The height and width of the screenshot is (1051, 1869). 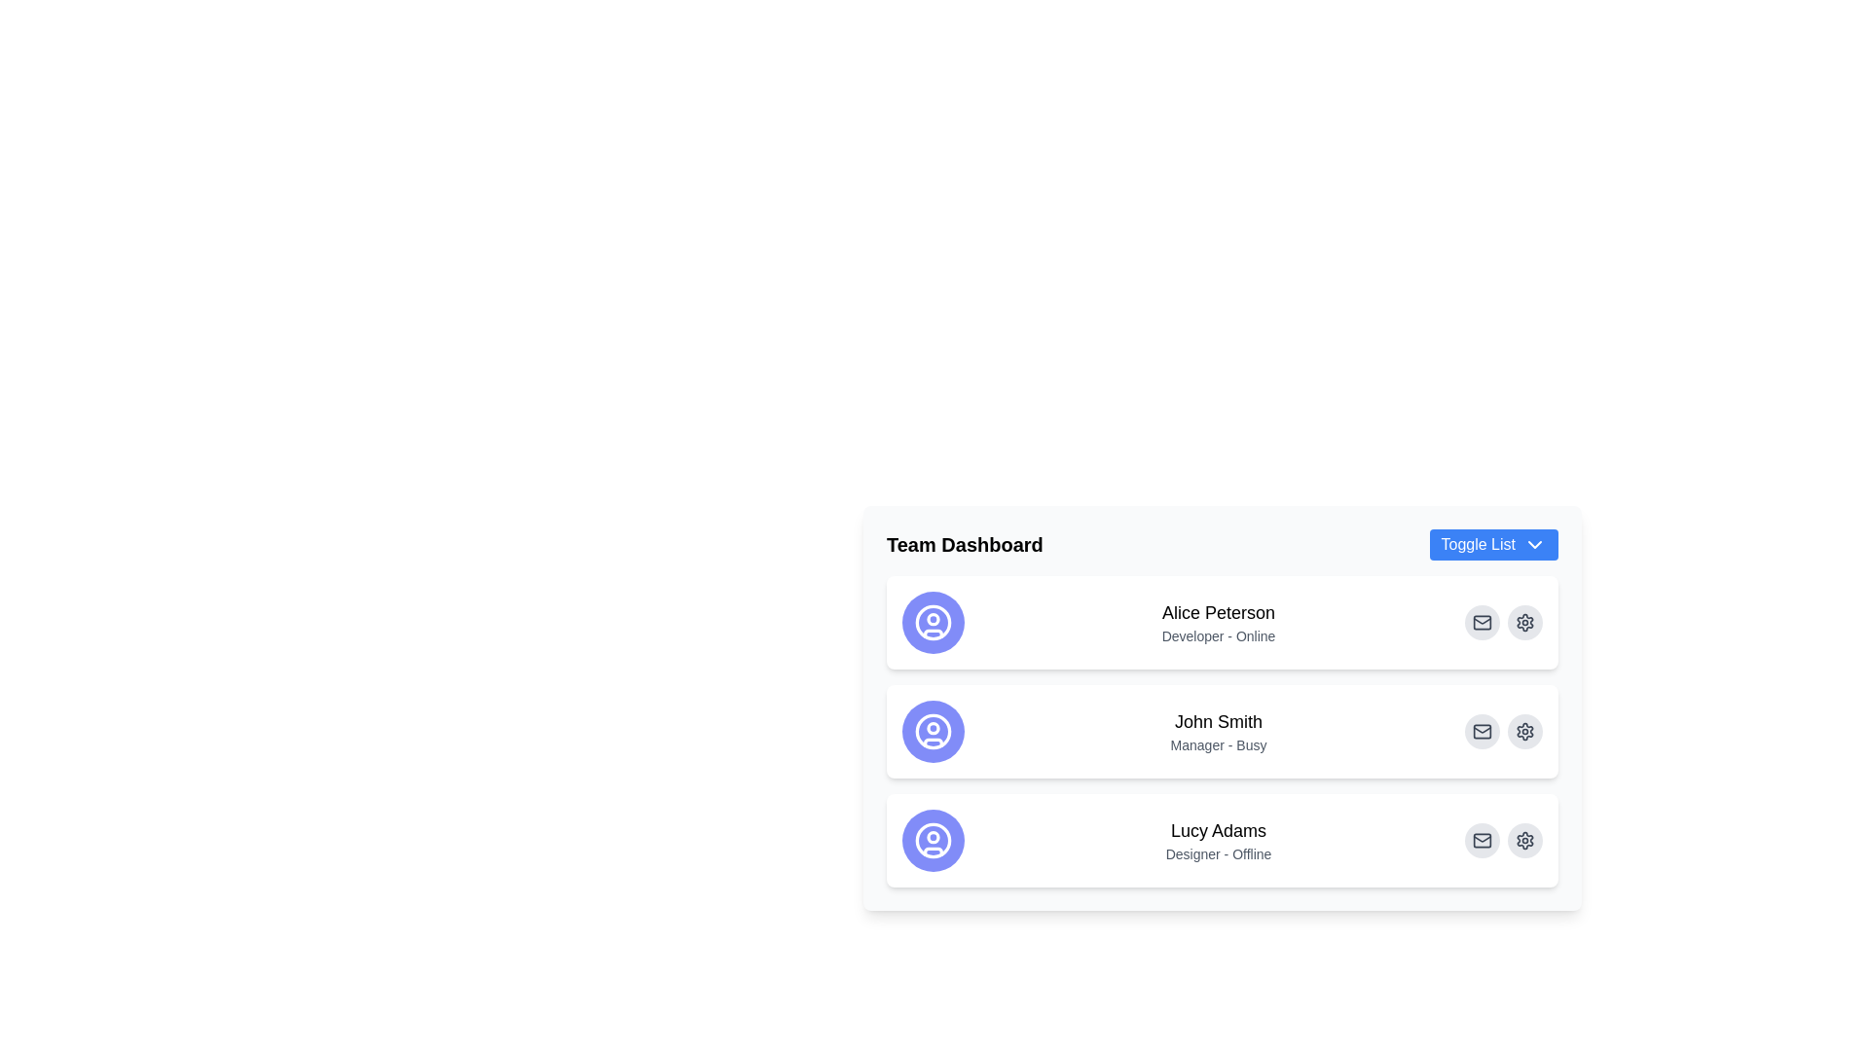 I want to click on the settings icon located within the rounded button on the far-right side of the user entry for 'Alice Peterson', so click(x=1523, y=840).